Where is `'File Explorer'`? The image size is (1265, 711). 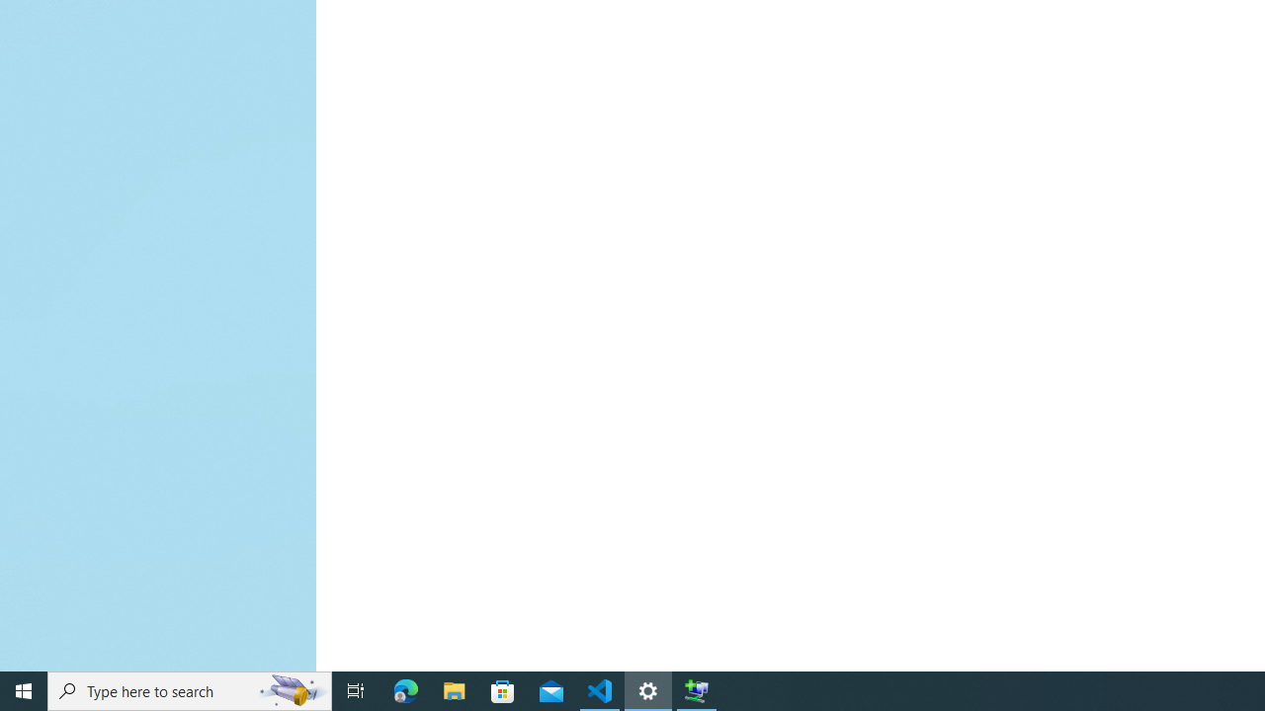 'File Explorer' is located at coordinates (454, 689).